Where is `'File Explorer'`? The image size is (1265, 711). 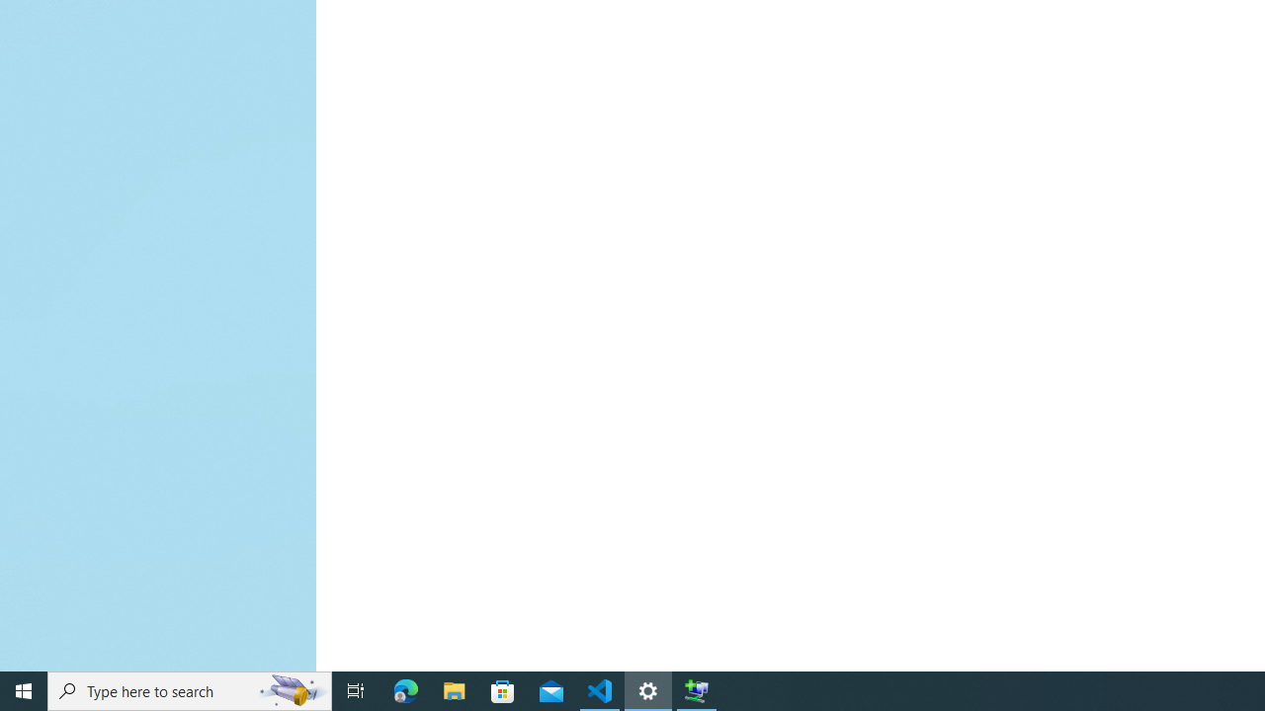 'File Explorer' is located at coordinates (454, 689).